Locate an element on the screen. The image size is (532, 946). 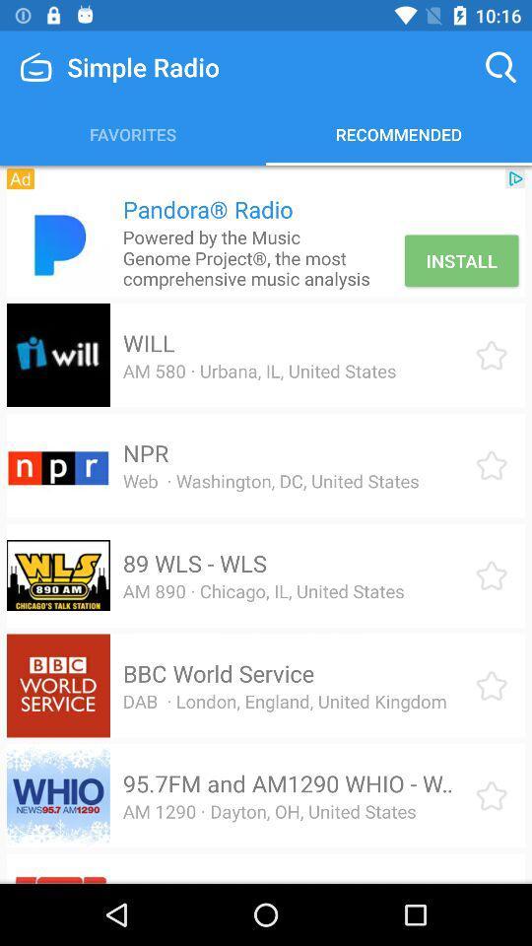
item below npr is located at coordinates (270, 480).